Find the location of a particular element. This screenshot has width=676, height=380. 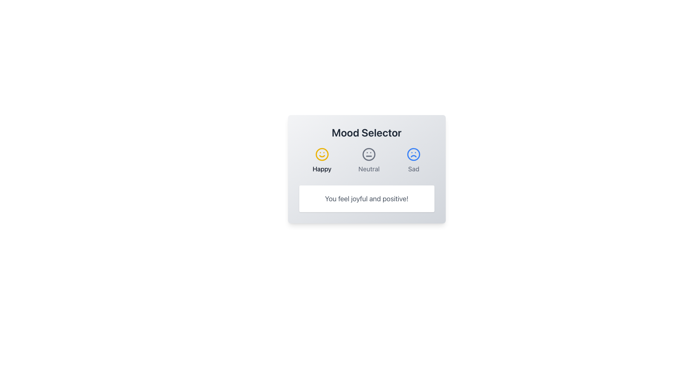

the 'Sad' mood button, which features a blue frown icon above the text 'Sad', styled in gray, and is the third option in the mood selector is located at coordinates (414, 160).